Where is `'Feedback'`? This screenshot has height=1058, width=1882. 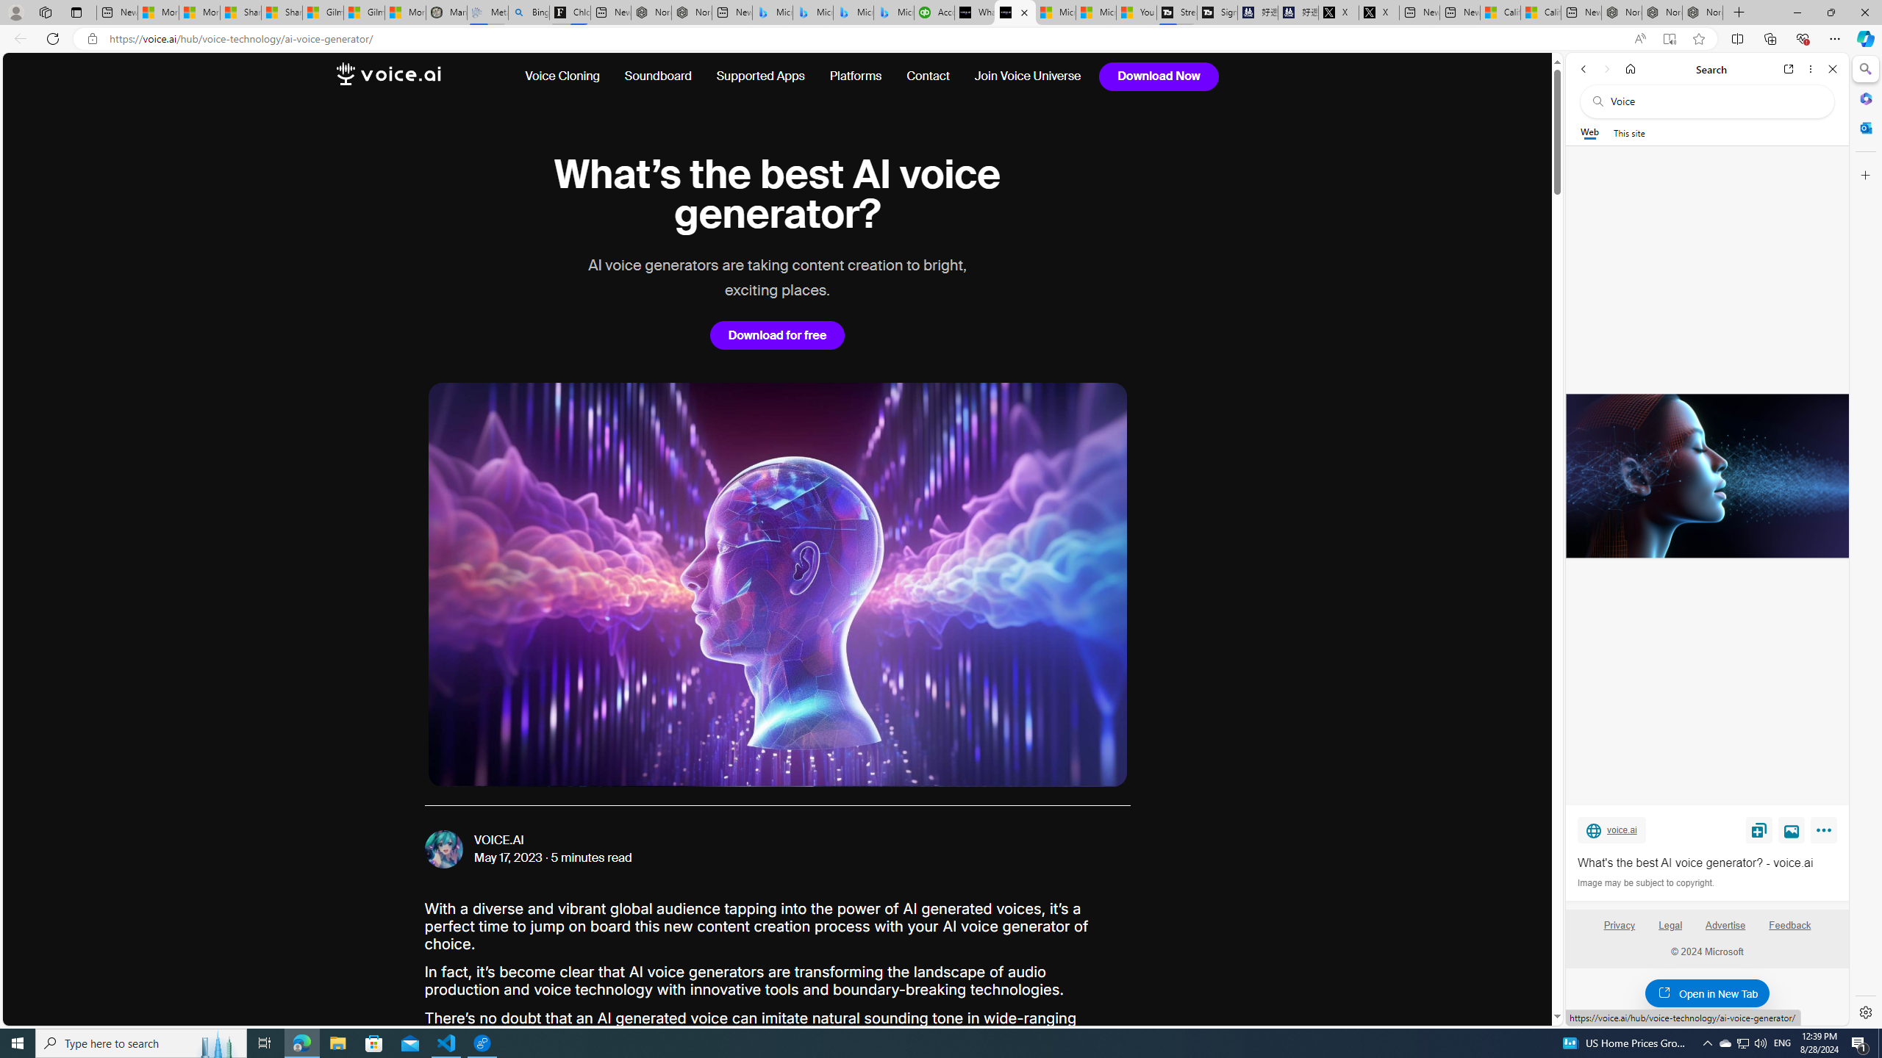
'Feedback' is located at coordinates (1789, 931).